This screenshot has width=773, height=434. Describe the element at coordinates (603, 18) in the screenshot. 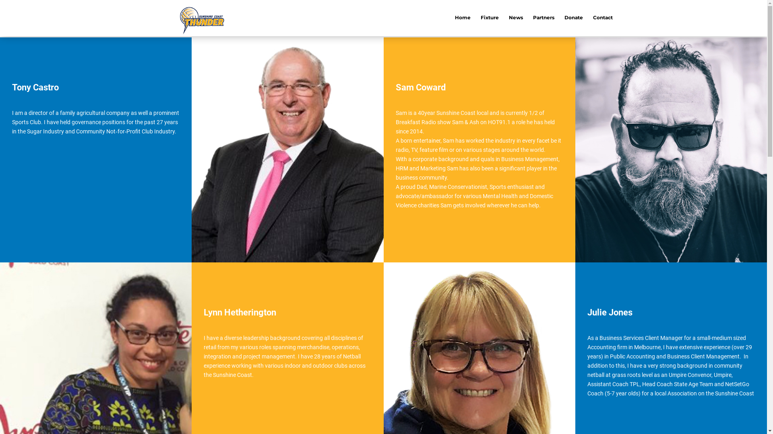

I see `'Contact'` at that location.